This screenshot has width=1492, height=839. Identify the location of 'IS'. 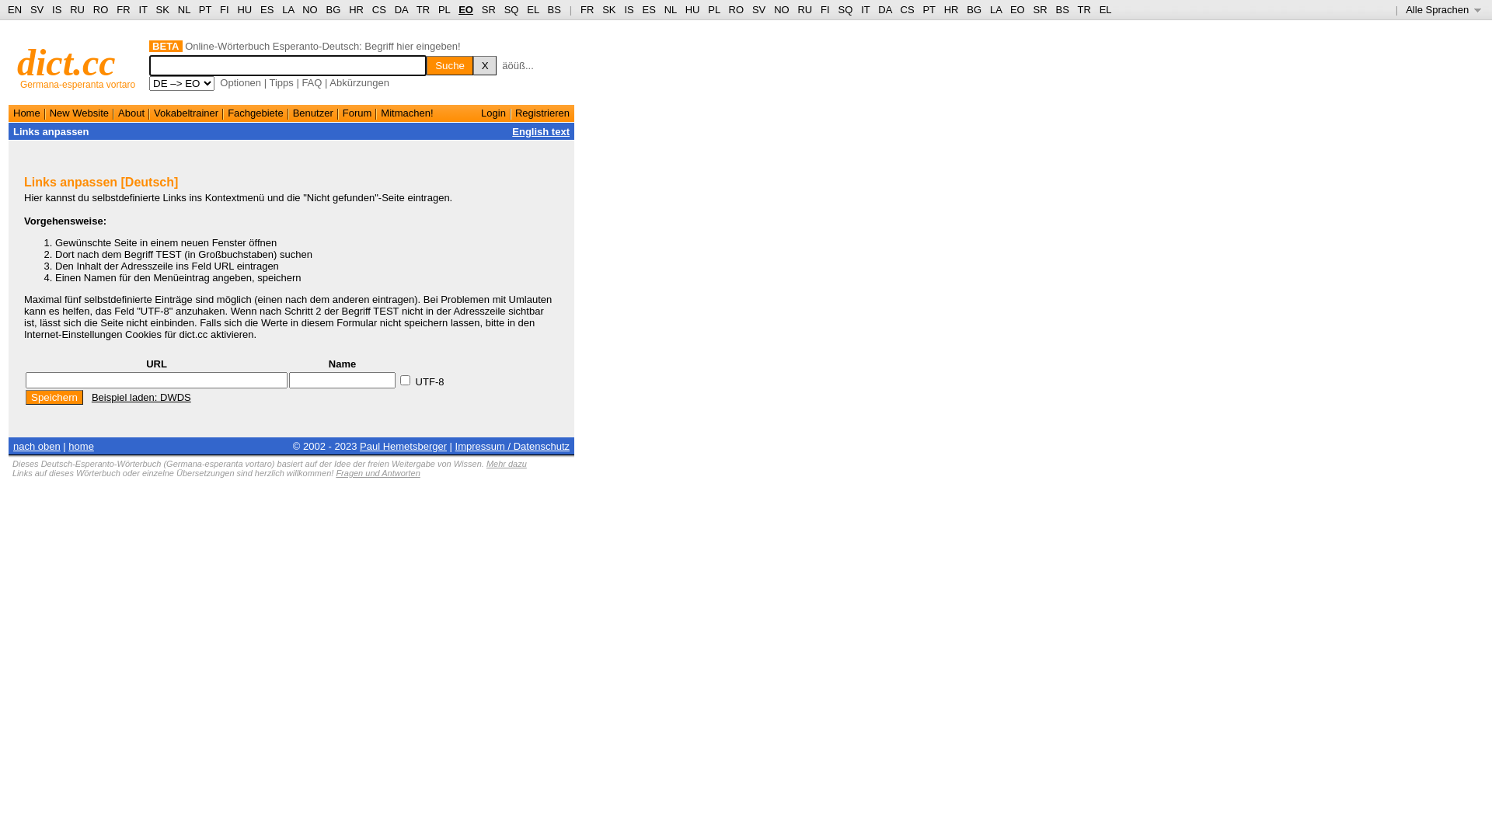
(52, 9).